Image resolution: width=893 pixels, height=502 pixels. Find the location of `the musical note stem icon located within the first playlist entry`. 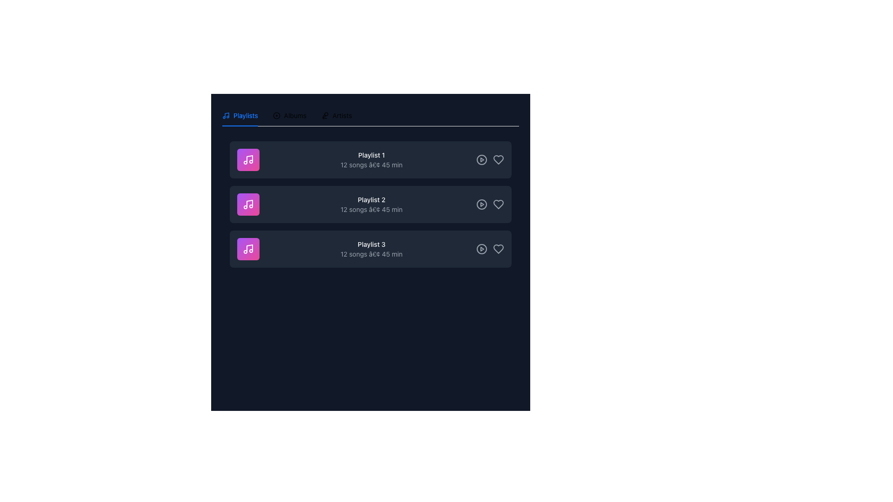

the musical note stem icon located within the first playlist entry is located at coordinates (250, 159).